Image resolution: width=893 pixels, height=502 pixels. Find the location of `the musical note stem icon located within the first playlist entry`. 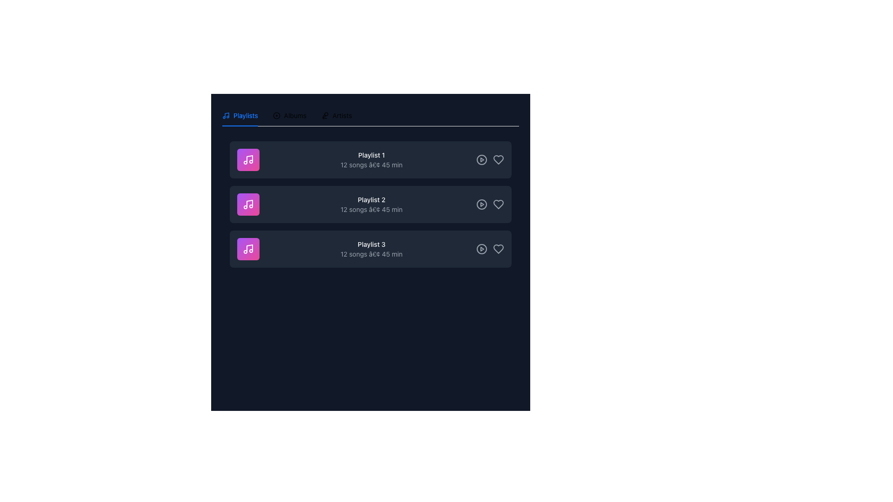

the musical note stem icon located within the first playlist entry is located at coordinates (250, 159).